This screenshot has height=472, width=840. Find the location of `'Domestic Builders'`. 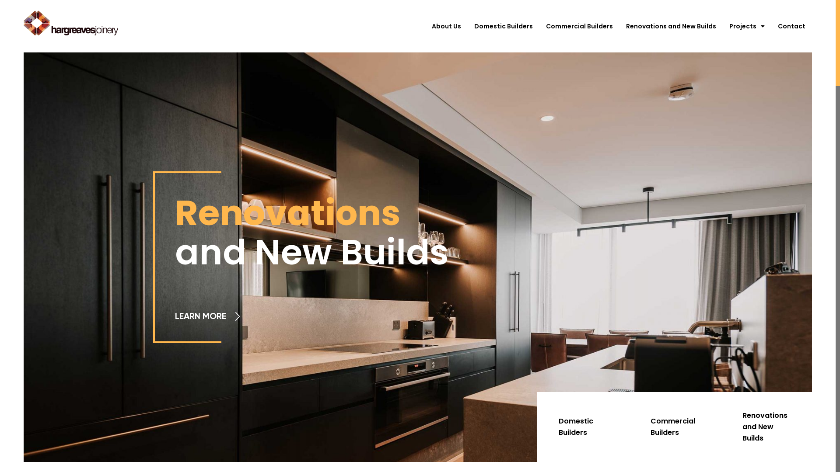

'Domestic Builders' is located at coordinates (558, 426).